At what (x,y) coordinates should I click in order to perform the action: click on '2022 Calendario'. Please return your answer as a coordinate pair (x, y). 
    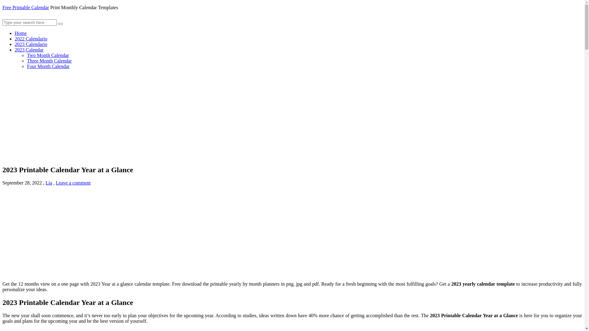
    Looking at the image, I should click on (30, 39).